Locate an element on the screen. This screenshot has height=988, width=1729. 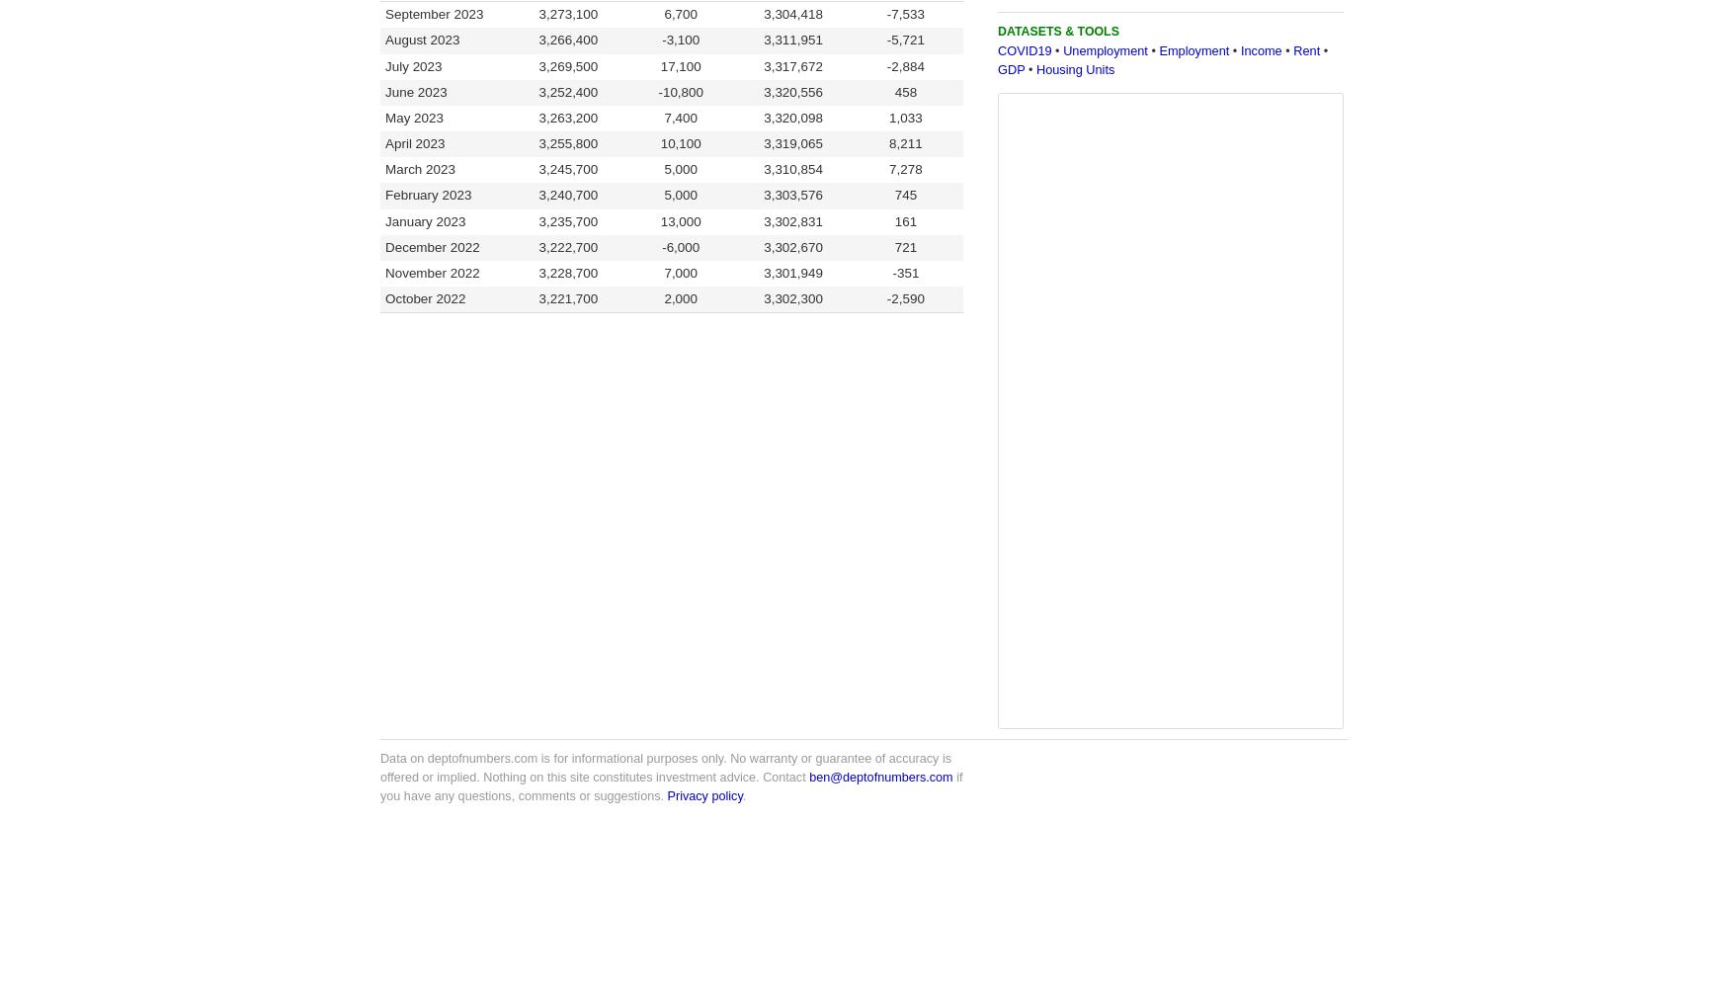
'3,240,700' is located at coordinates (568, 194).